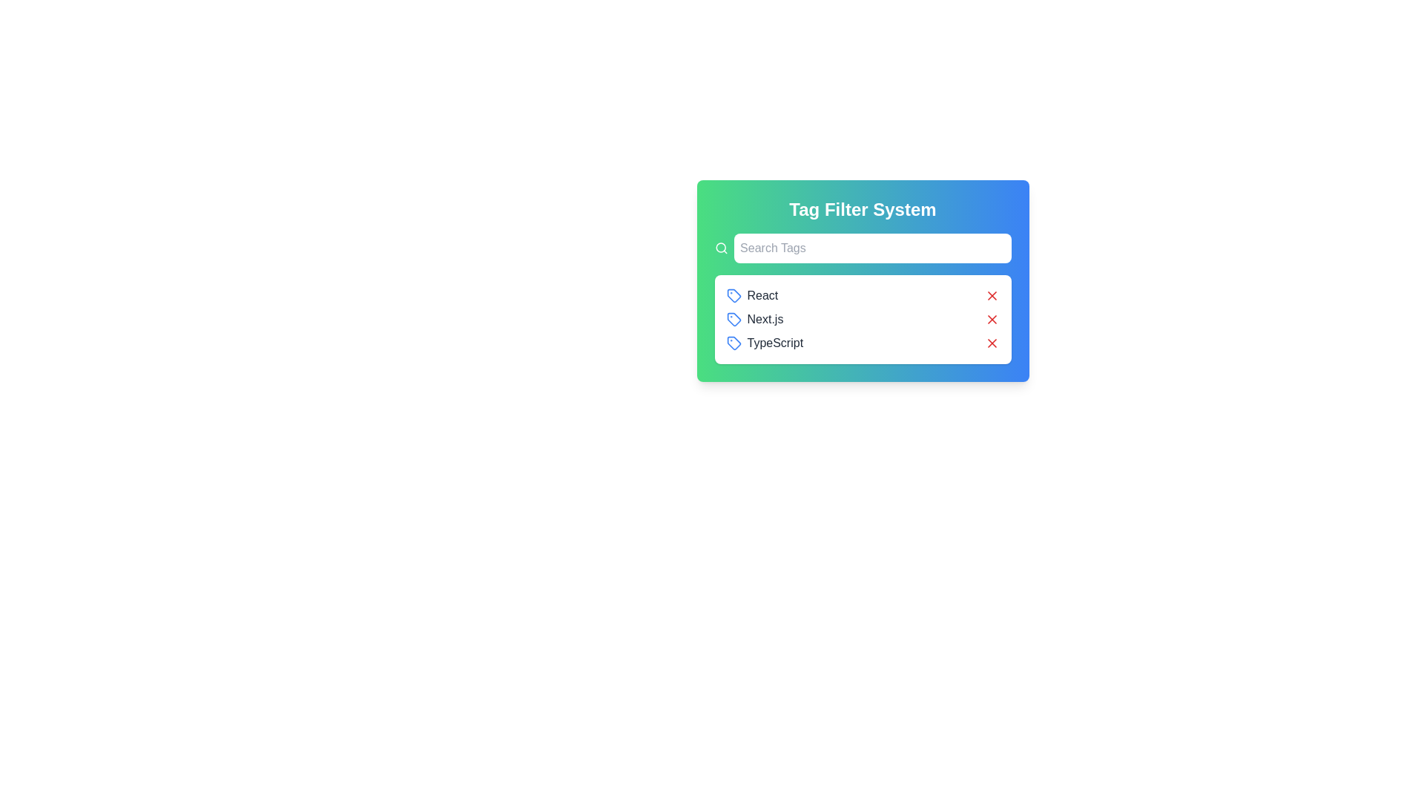 This screenshot has height=801, width=1424. I want to click on the tag icon with a blue outline located to the left of the text 'Next.js' in the tag filter system, so click(734, 319).